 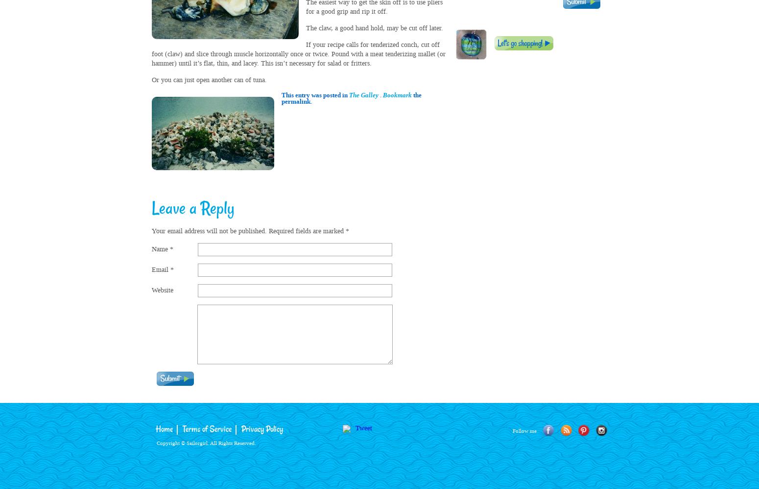 I want to click on 'The Galley', so click(x=364, y=94).